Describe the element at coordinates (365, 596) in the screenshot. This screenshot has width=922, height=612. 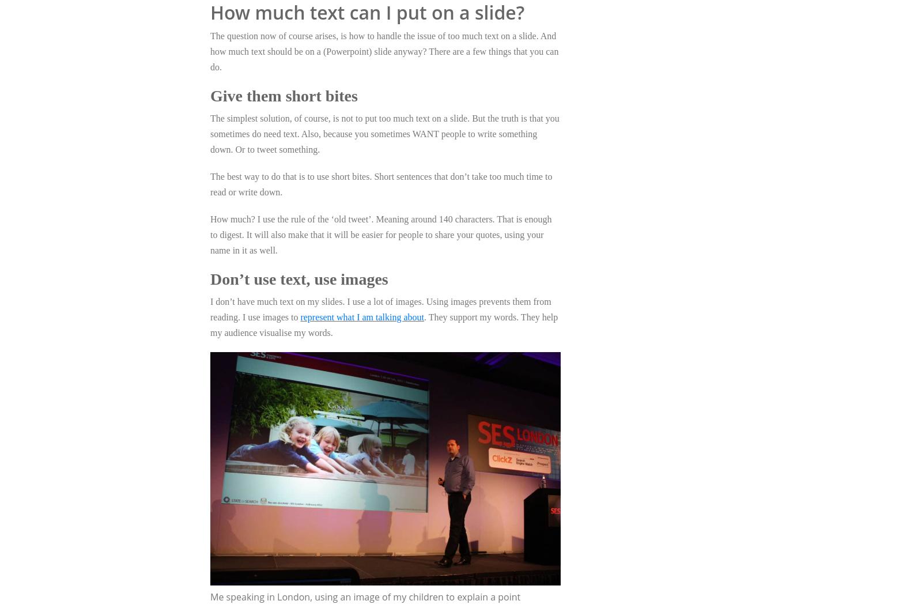
I see `'Me speaking in London, using an image of my children to explain a point'` at that location.